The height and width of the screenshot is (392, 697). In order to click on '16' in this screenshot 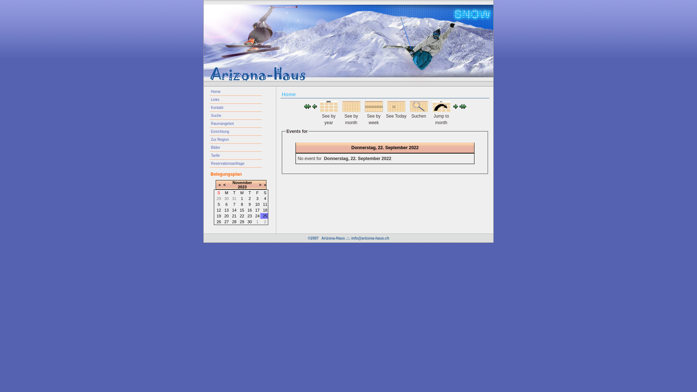, I will do `click(249, 210)`.